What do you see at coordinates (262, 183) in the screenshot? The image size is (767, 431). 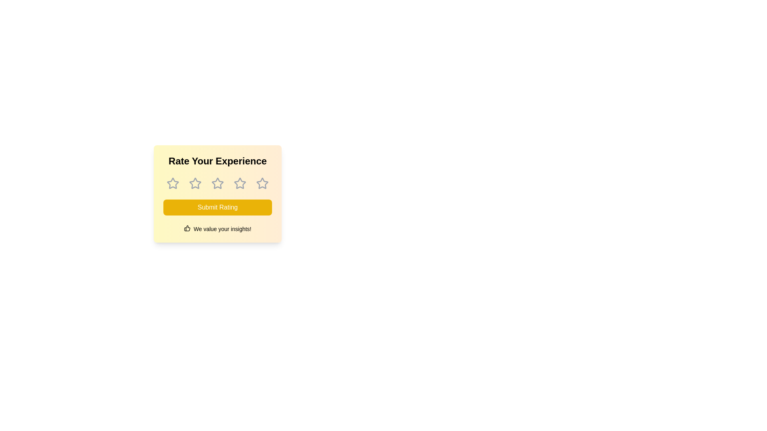 I see `the fifth star icon in the rating selection` at bounding box center [262, 183].